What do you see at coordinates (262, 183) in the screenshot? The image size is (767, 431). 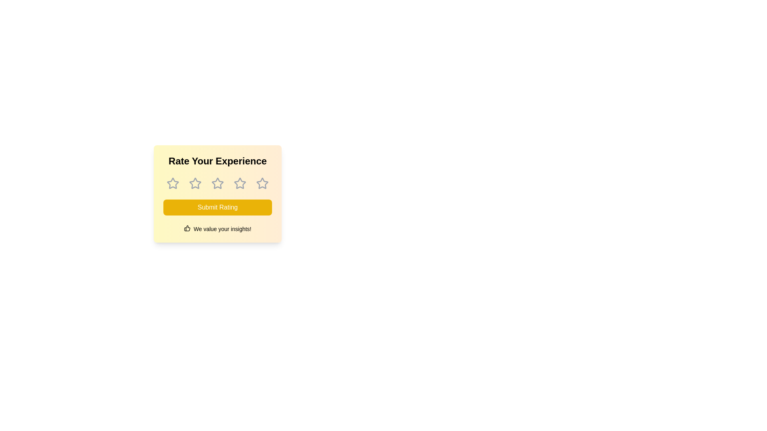 I see `the fifth star icon in the rating selection` at bounding box center [262, 183].